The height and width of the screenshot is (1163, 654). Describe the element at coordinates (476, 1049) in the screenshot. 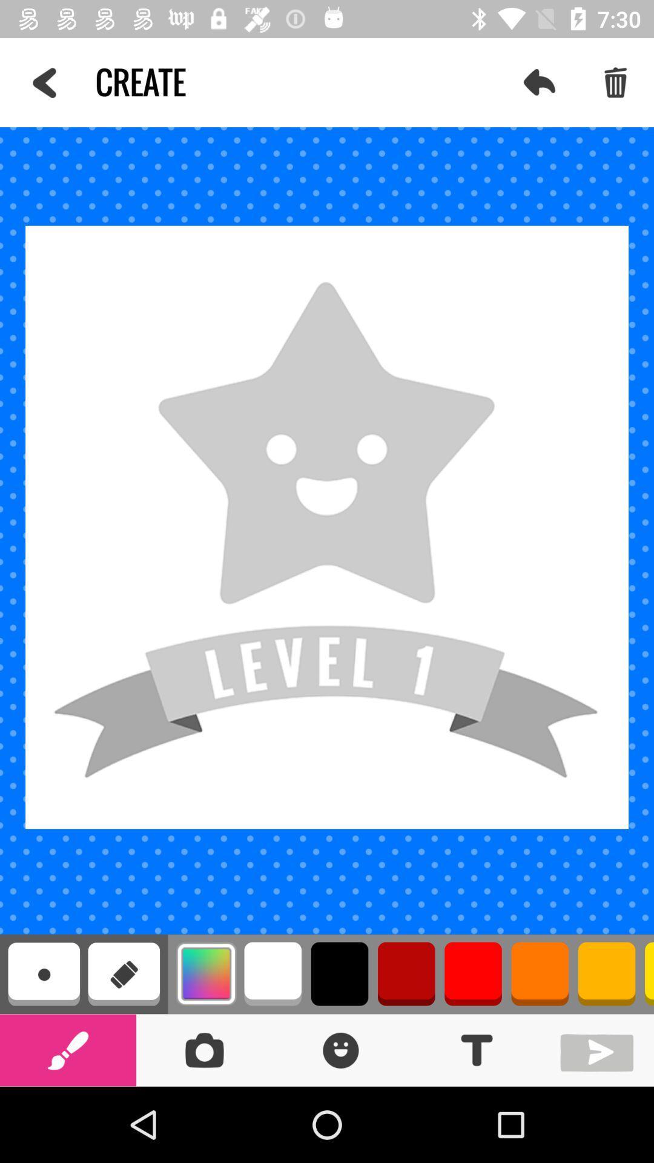

I see `the font icon` at that location.